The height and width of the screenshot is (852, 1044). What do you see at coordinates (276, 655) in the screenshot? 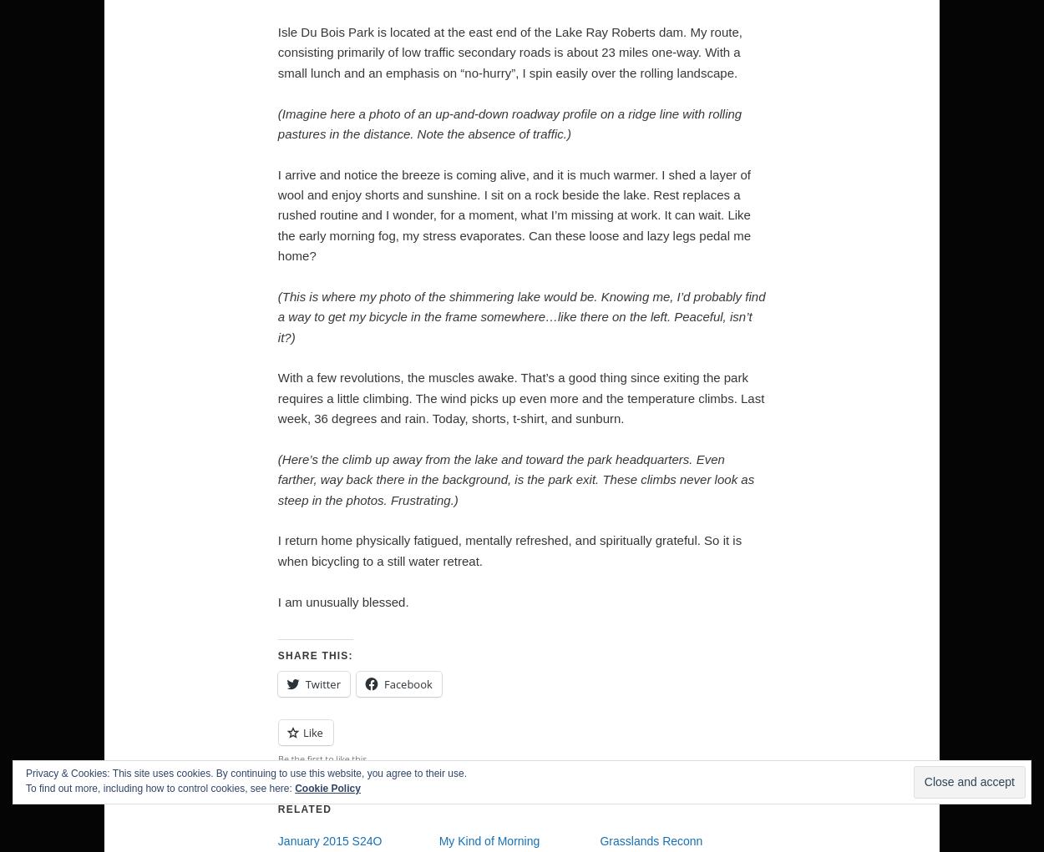
I see `'Share this:'` at bounding box center [276, 655].